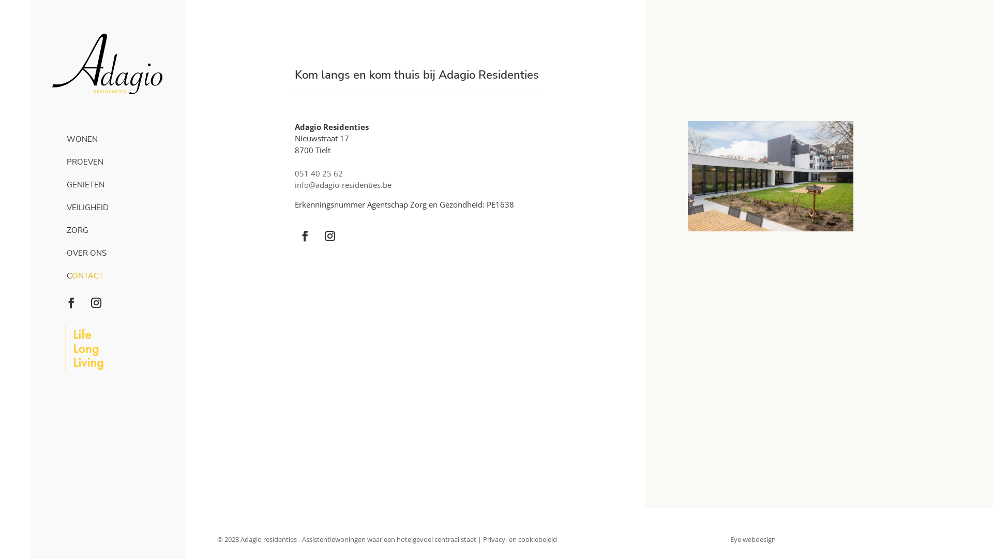 The height and width of the screenshot is (559, 993). What do you see at coordinates (61, 303) in the screenshot?
I see `'Volg op Facebook'` at bounding box center [61, 303].